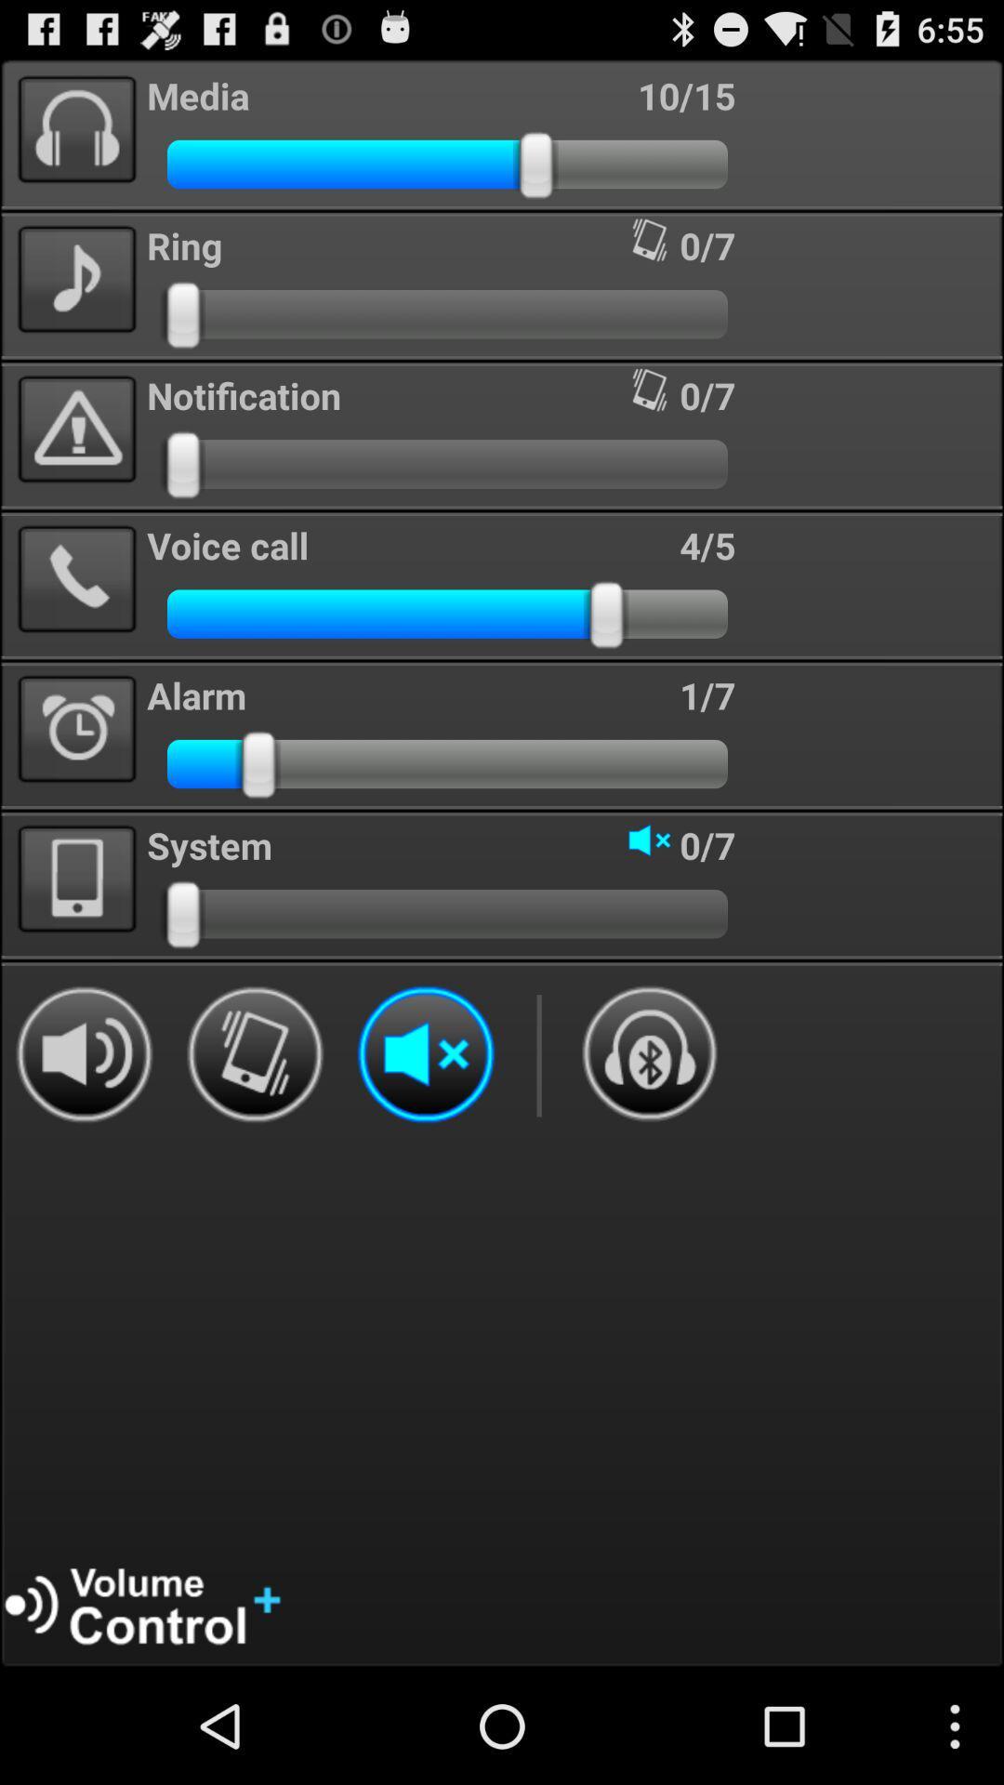  I want to click on the music icon, so click(76, 298).